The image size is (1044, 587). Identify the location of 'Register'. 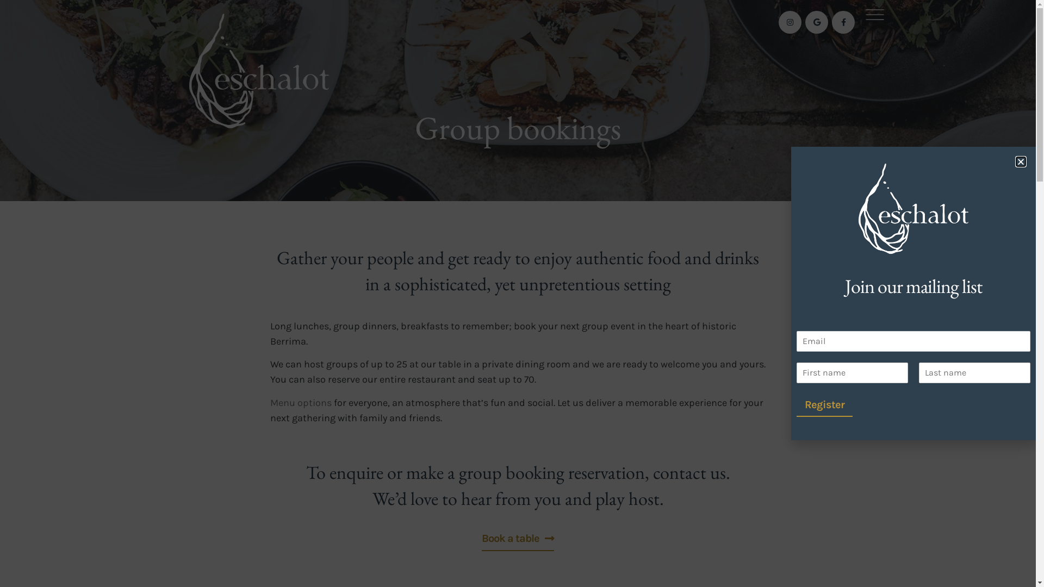
(796, 405).